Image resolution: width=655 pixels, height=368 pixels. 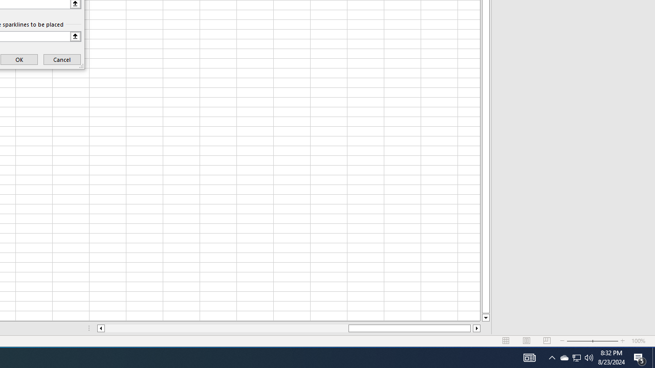 I want to click on 'Page Break Preview', so click(x=547, y=341).